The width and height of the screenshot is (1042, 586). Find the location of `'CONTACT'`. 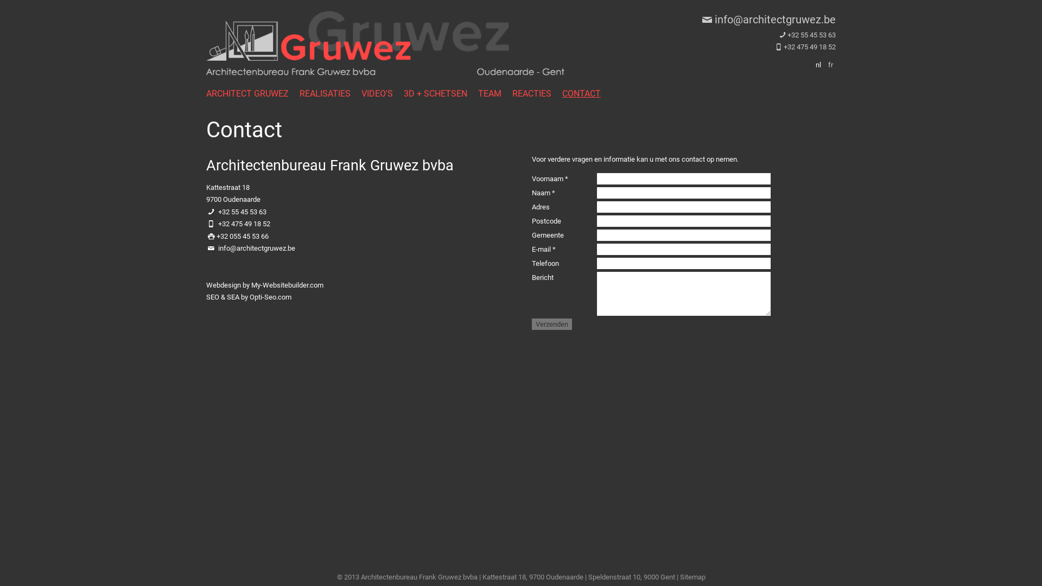

'CONTACT' is located at coordinates (586, 93).